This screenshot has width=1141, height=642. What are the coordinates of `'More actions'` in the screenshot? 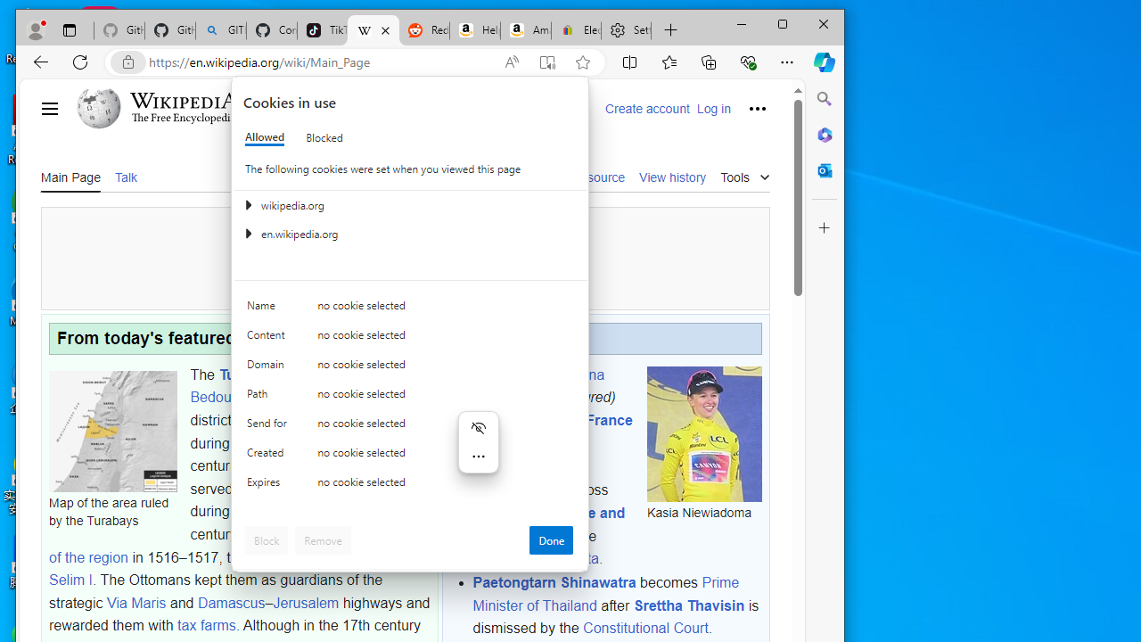 It's located at (478, 455).